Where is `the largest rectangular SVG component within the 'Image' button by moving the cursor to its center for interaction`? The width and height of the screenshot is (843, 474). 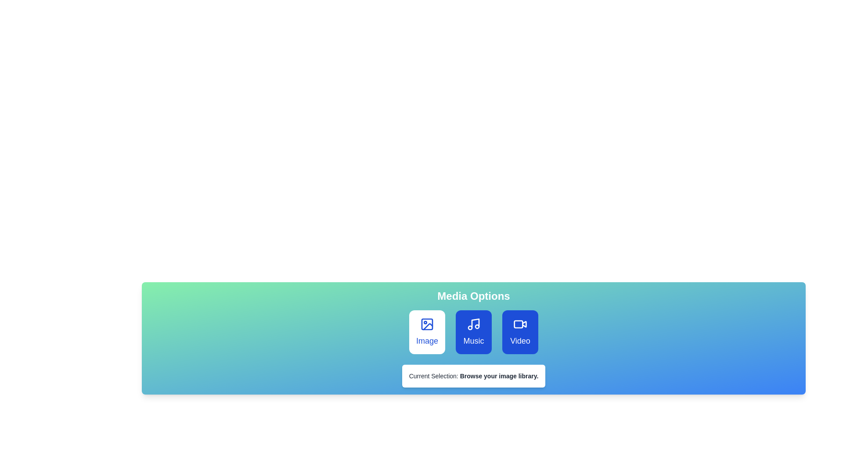 the largest rectangular SVG component within the 'Image' button by moving the cursor to its center for interaction is located at coordinates (427, 324).